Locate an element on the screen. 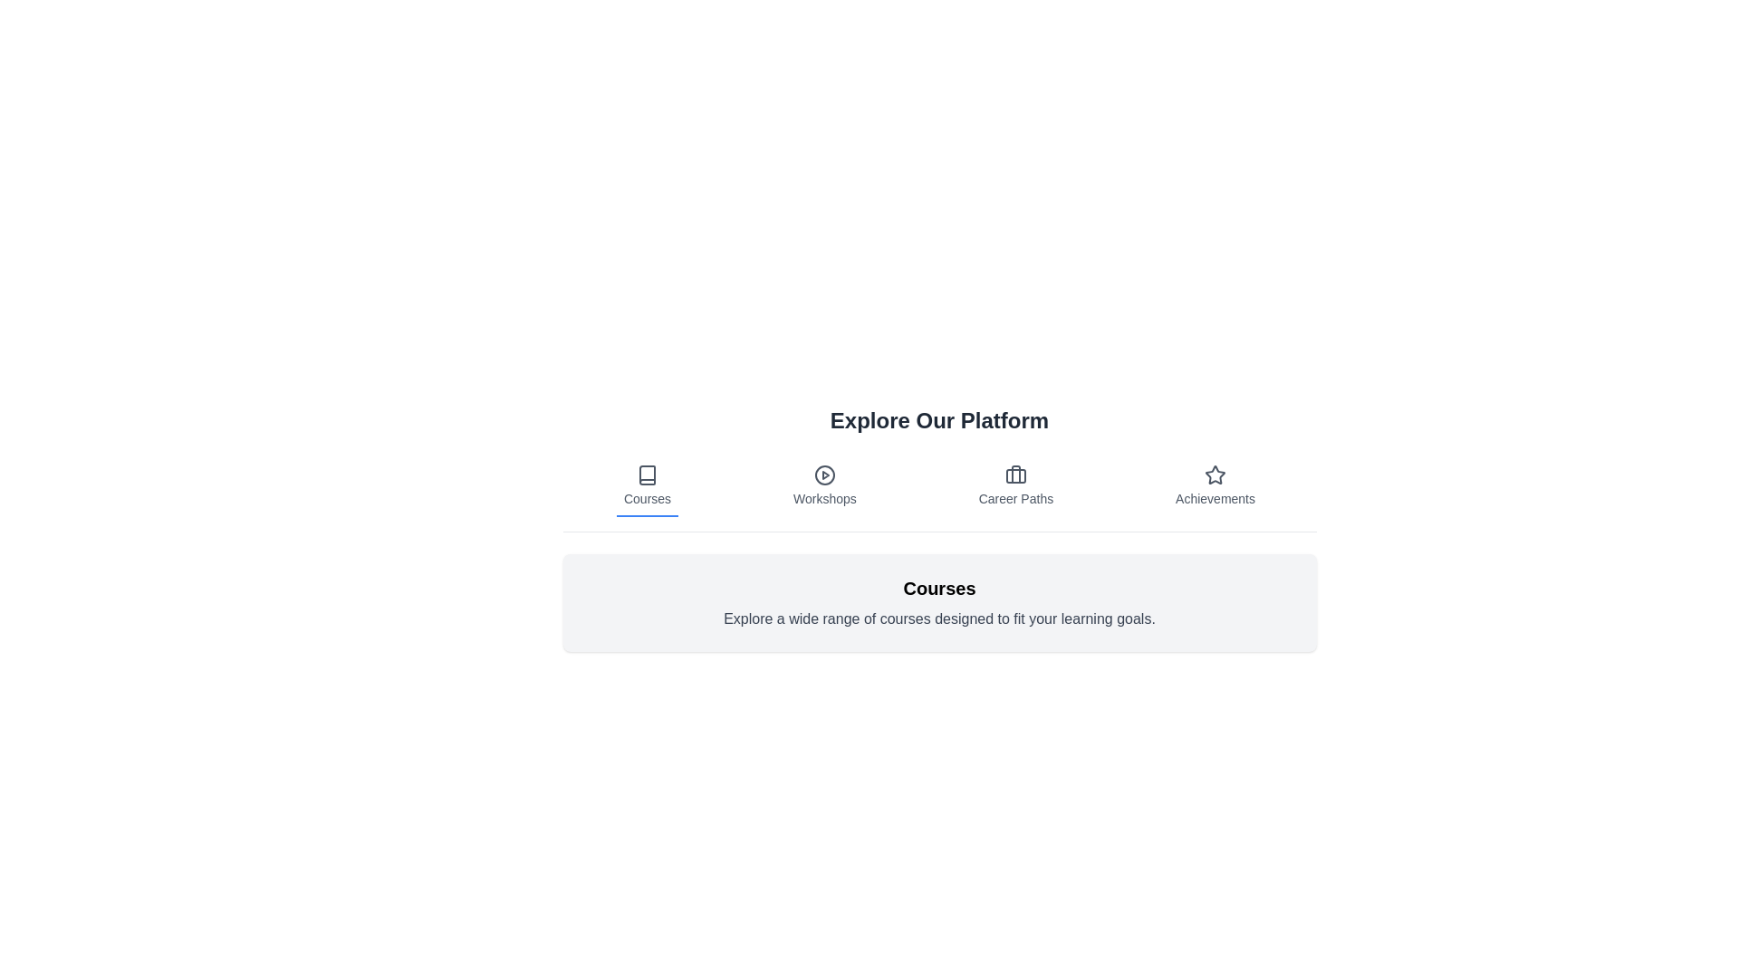  the tab corresponding to Courses is located at coordinates (648, 485).